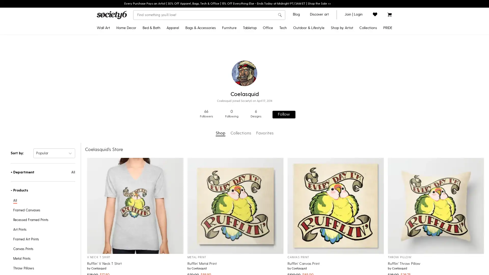 The width and height of the screenshot is (489, 275). I want to click on Picnic Blankets, so click(315, 123).